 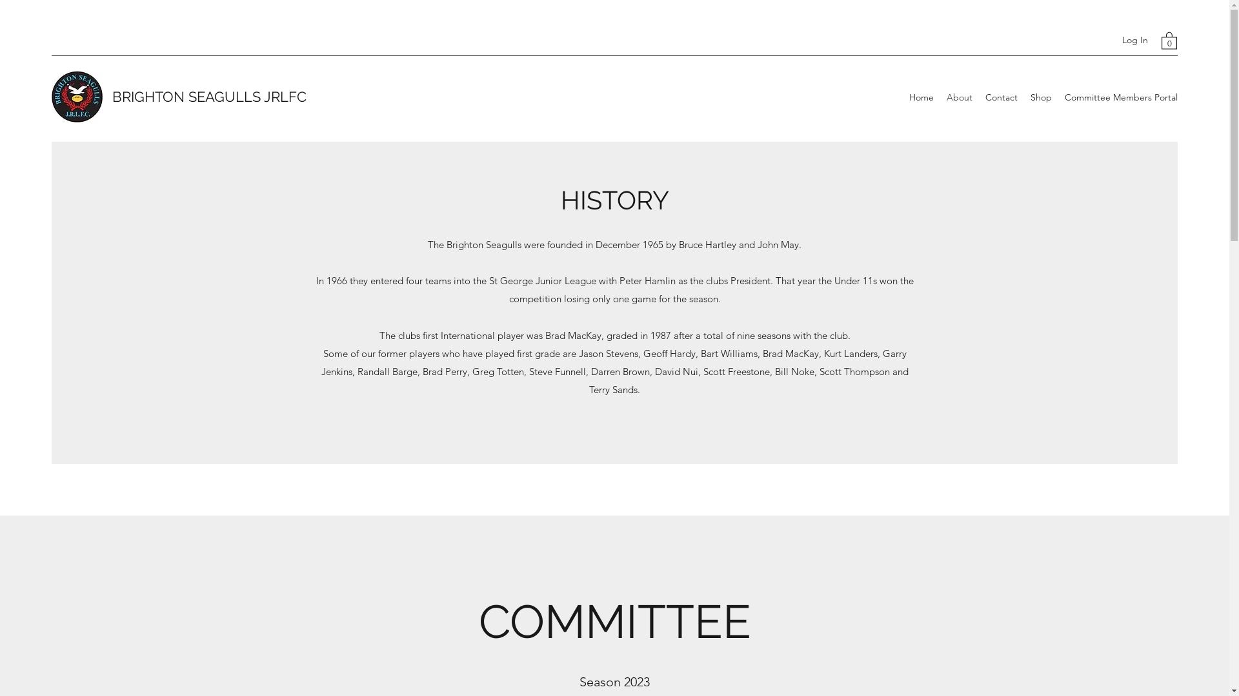 What do you see at coordinates (1000, 96) in the screenshot?
I see `'Contact'` at bounding box center [1000, 96].